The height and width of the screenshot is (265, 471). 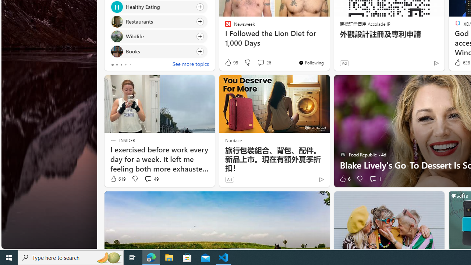 I want to click on '98 Like', so click(x=231, y=62).